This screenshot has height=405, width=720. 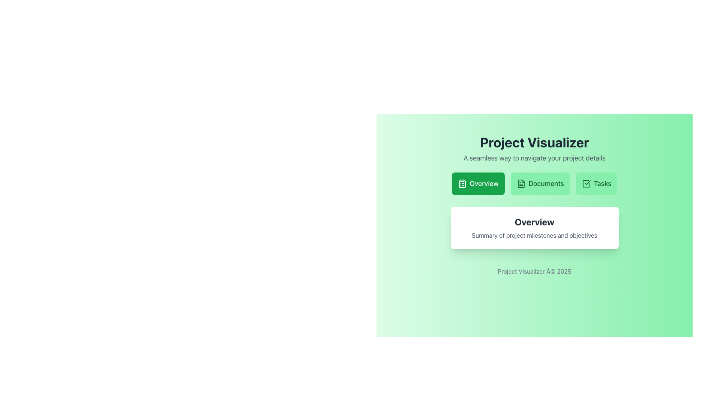 I want to click on the green rectangular button labeled 'Documents' located between the 'Overview' and 'Tasks' buttons, so click(x=540, y=183).